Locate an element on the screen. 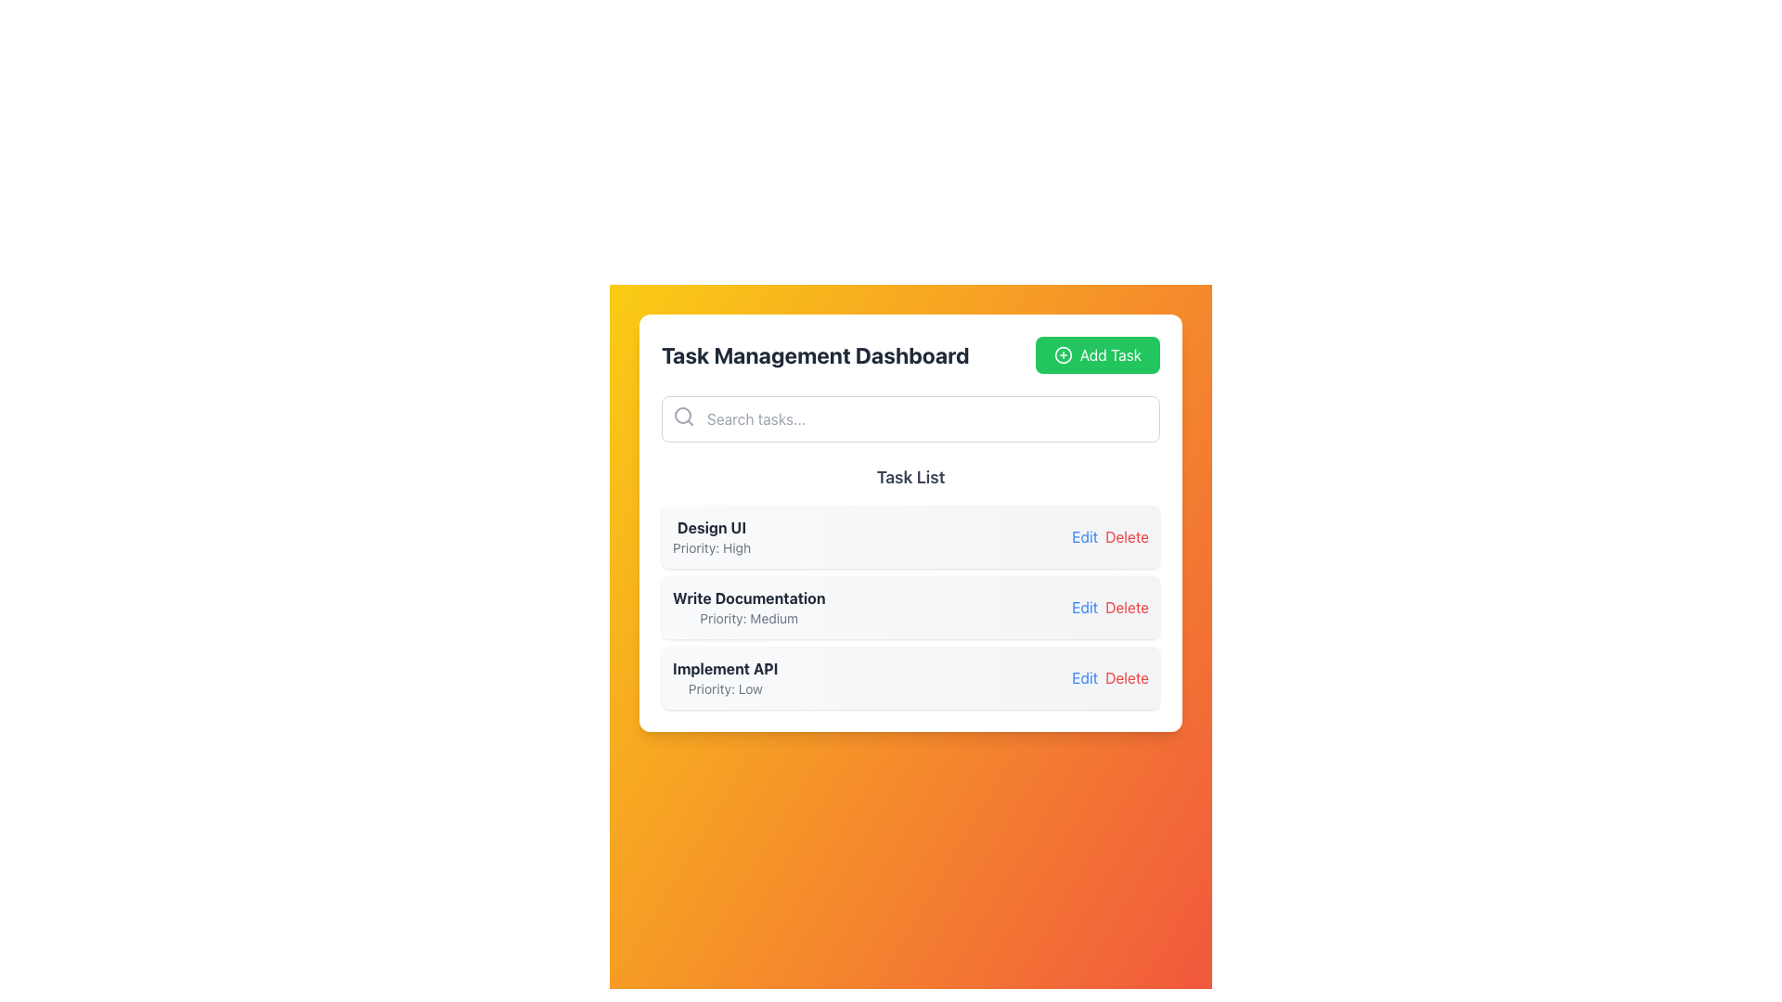 This screenshot has height=1002, width=1782. the small text label that indicates the priority level 'Medium' below the task titled 'Write Documentation' in the task list interface is located at coordinates (749, 619).